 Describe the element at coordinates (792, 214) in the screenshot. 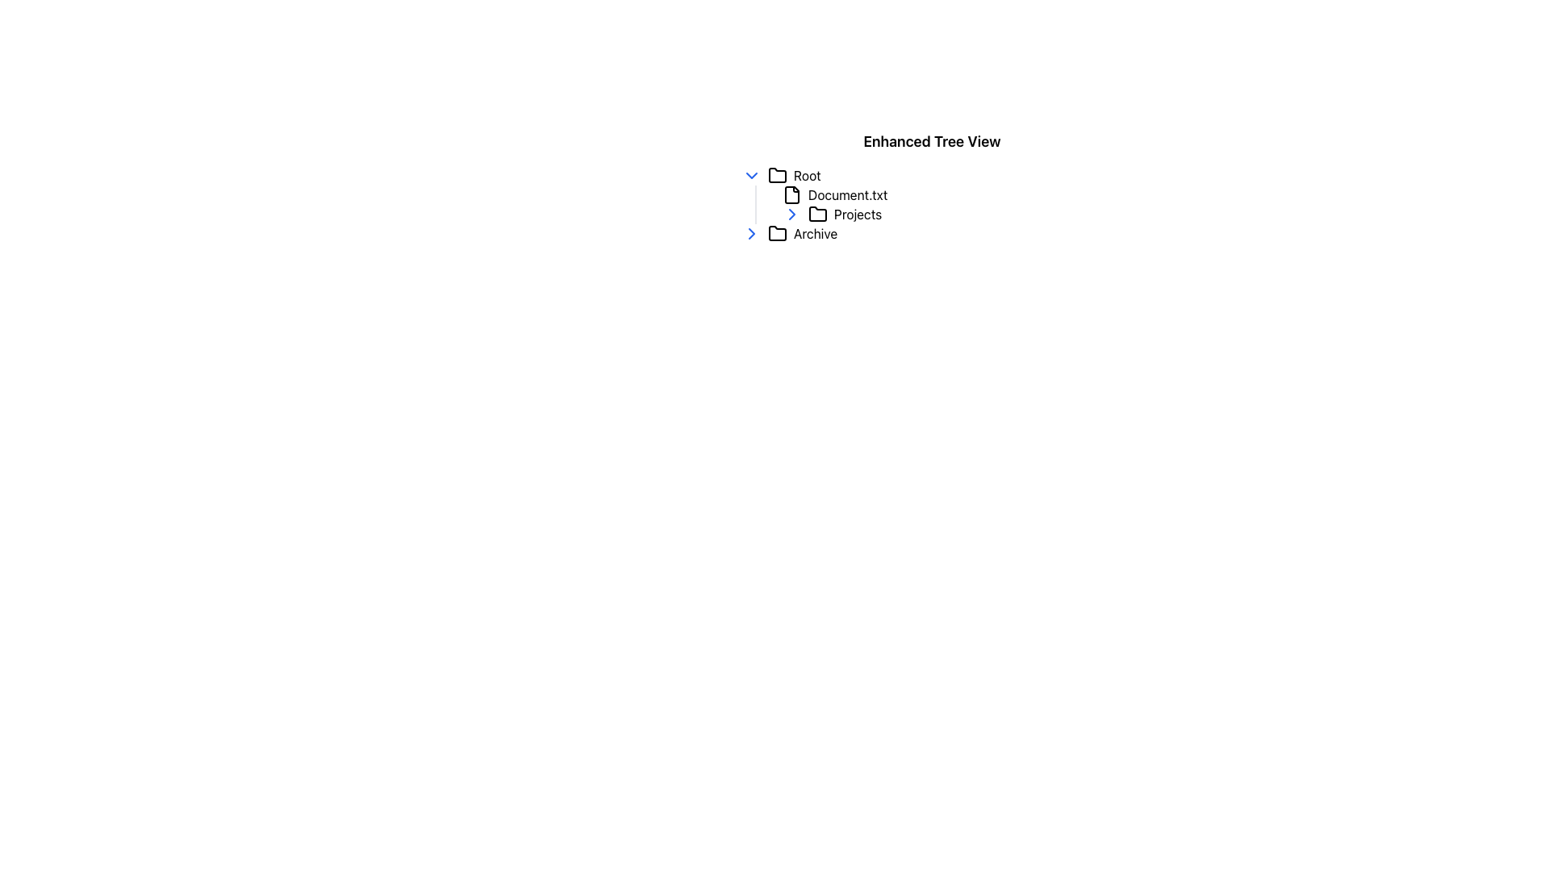

I see `the chevron-right icon indicating the 'Projects' folder` at that location.